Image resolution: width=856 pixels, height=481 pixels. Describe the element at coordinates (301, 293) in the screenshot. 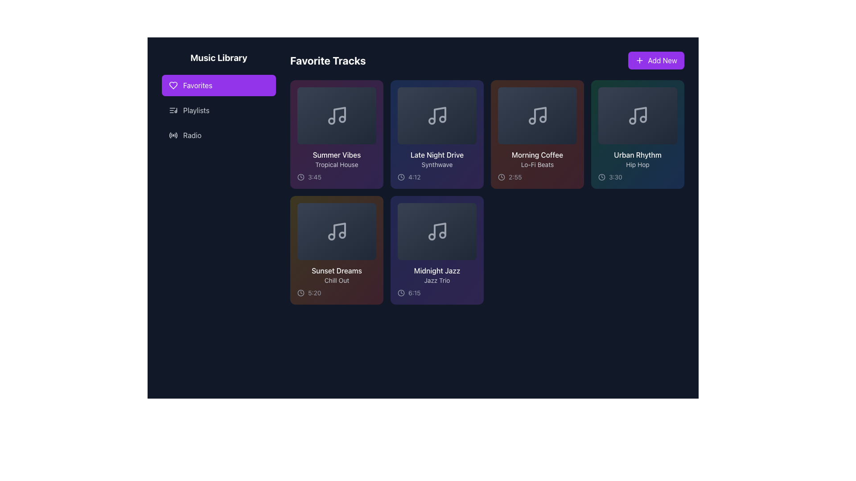

I see `the Circle (SVG Element) that represents the clock or timer functionality for the track 'Sunset Dreams', located below the duration text '5:20'` at that location.